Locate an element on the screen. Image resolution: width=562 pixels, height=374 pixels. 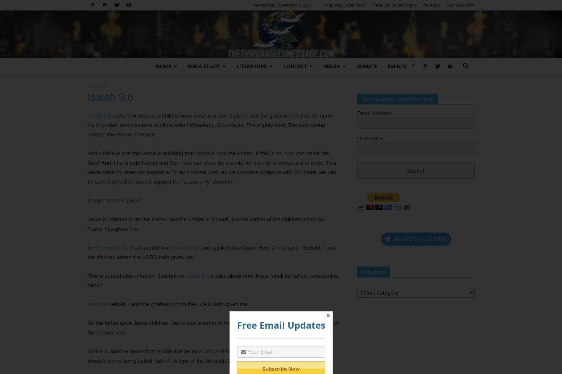
'has given him.' is located at coordinates (121, 229).